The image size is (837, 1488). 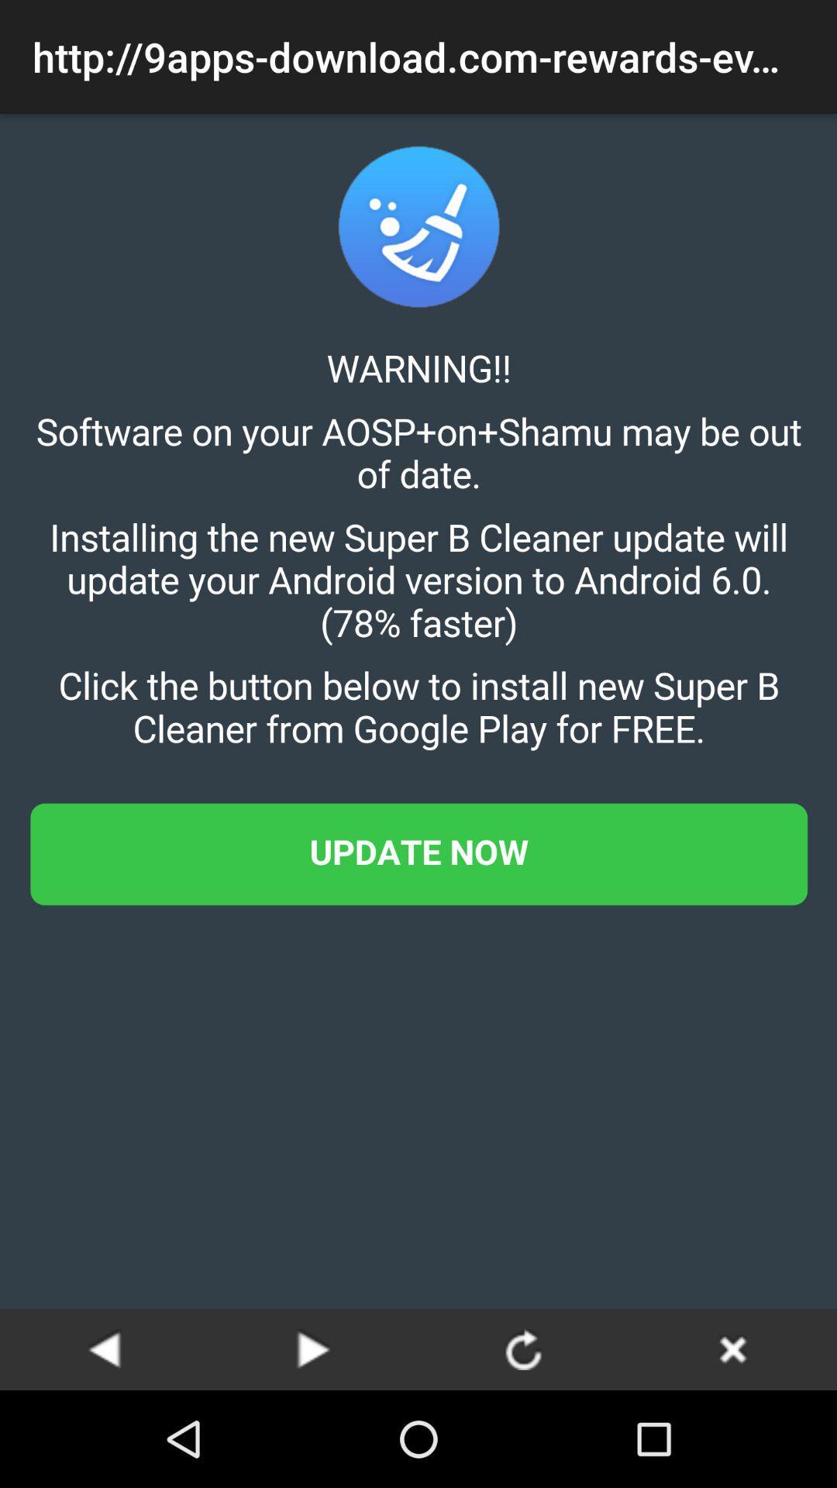 What do you see at coordinates (732, 1348) in the screenshot?
I see `go back` at bounding box center [732, 1348].